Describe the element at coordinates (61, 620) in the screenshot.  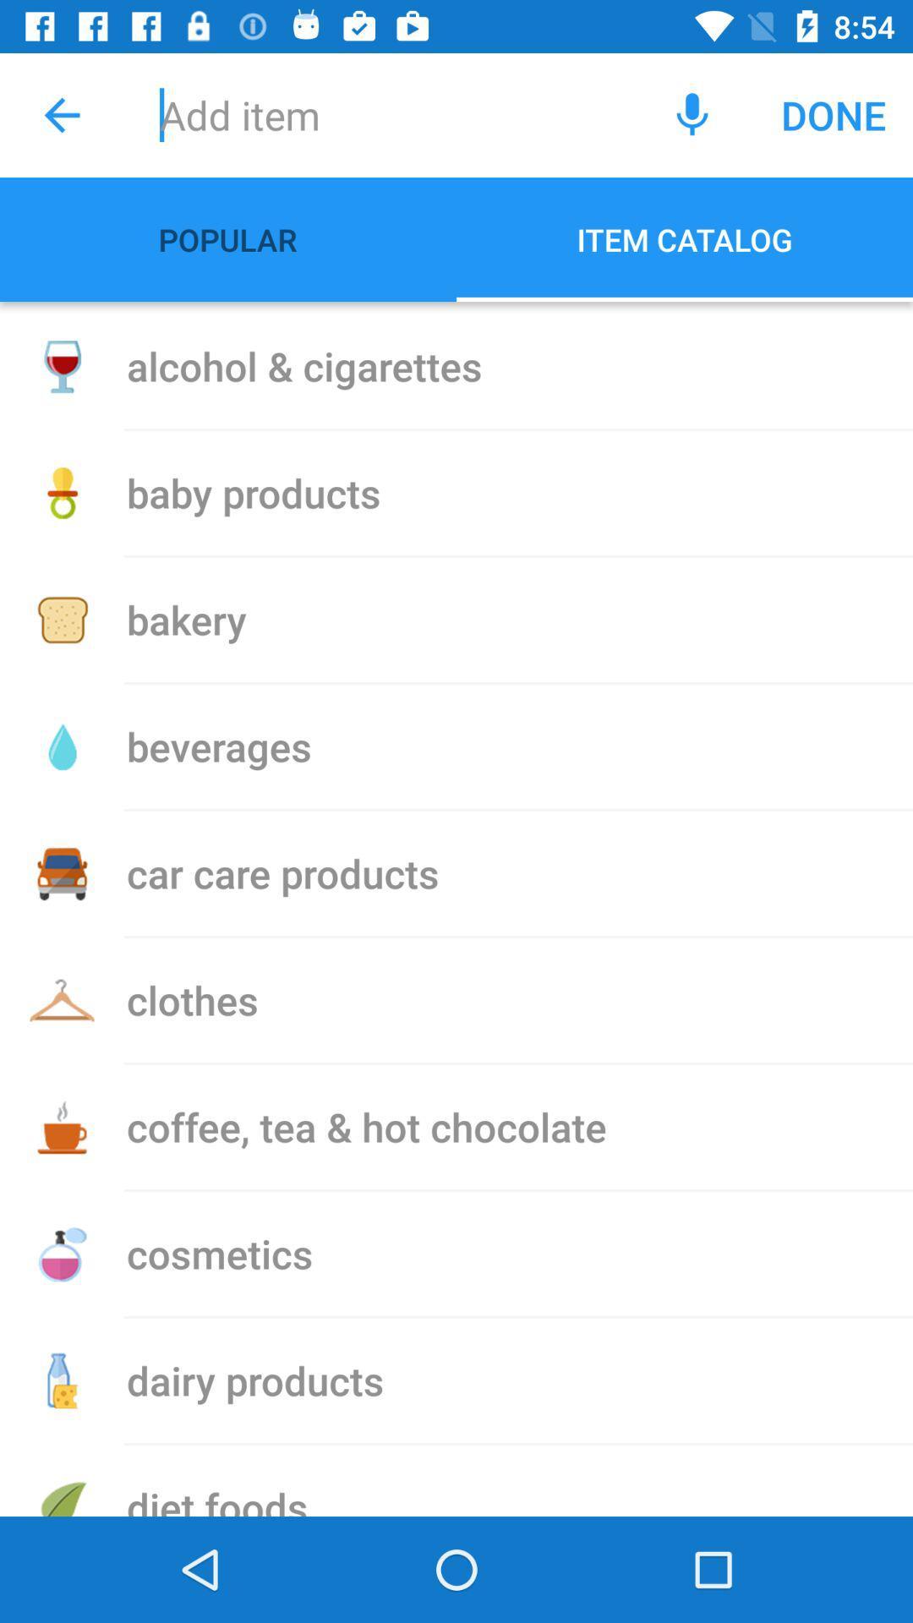
I see `the third icon beside bakery` at that location.